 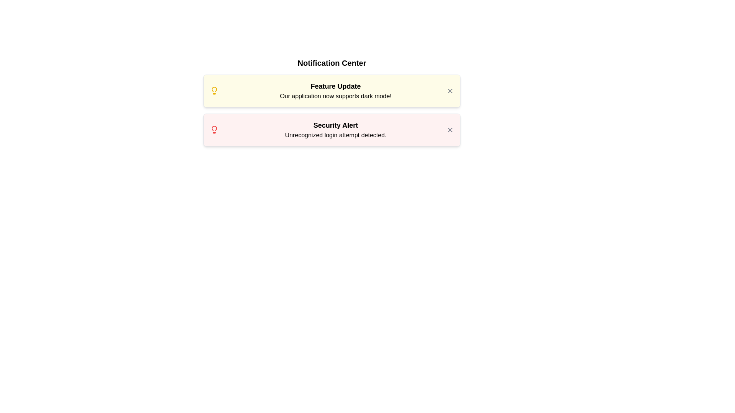 I want to click on the Text Display element containing the header 'Feature Update' and the description 'Our application now supports dark mode!' located near the top center of the notification list panel, so click(x=336, y=91).